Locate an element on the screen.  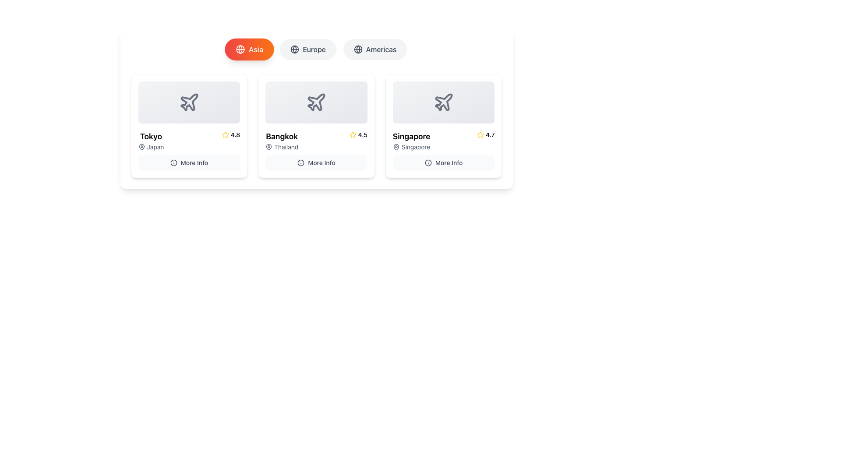
the small, pin-shaped icon located to the left of the text 'Japan' in the first card labeled 'Tokyo' within the horizontal list of travel destinations is located at coordinates (141, 146).